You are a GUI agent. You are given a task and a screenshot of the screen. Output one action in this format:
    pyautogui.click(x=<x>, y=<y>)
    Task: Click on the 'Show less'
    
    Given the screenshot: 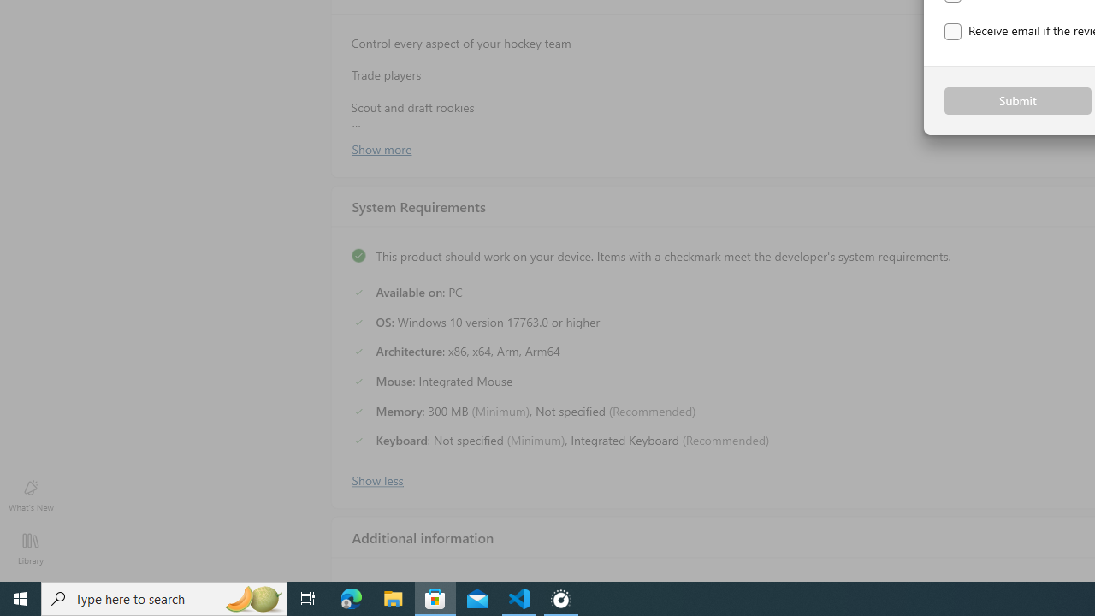 What is the action you would take?
    pyautogui.click(x=376, y=478)
    